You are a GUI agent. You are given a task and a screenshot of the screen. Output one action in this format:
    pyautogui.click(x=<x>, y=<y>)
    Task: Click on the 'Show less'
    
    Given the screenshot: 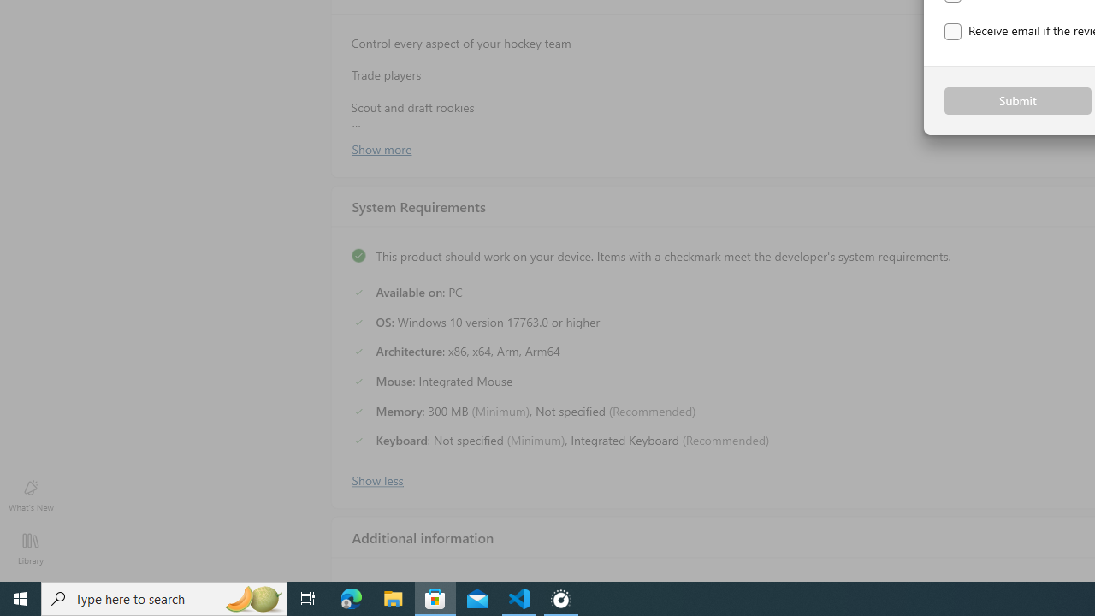 What is the action you would take?
    pyautogui.click(x=376, y=478)
    